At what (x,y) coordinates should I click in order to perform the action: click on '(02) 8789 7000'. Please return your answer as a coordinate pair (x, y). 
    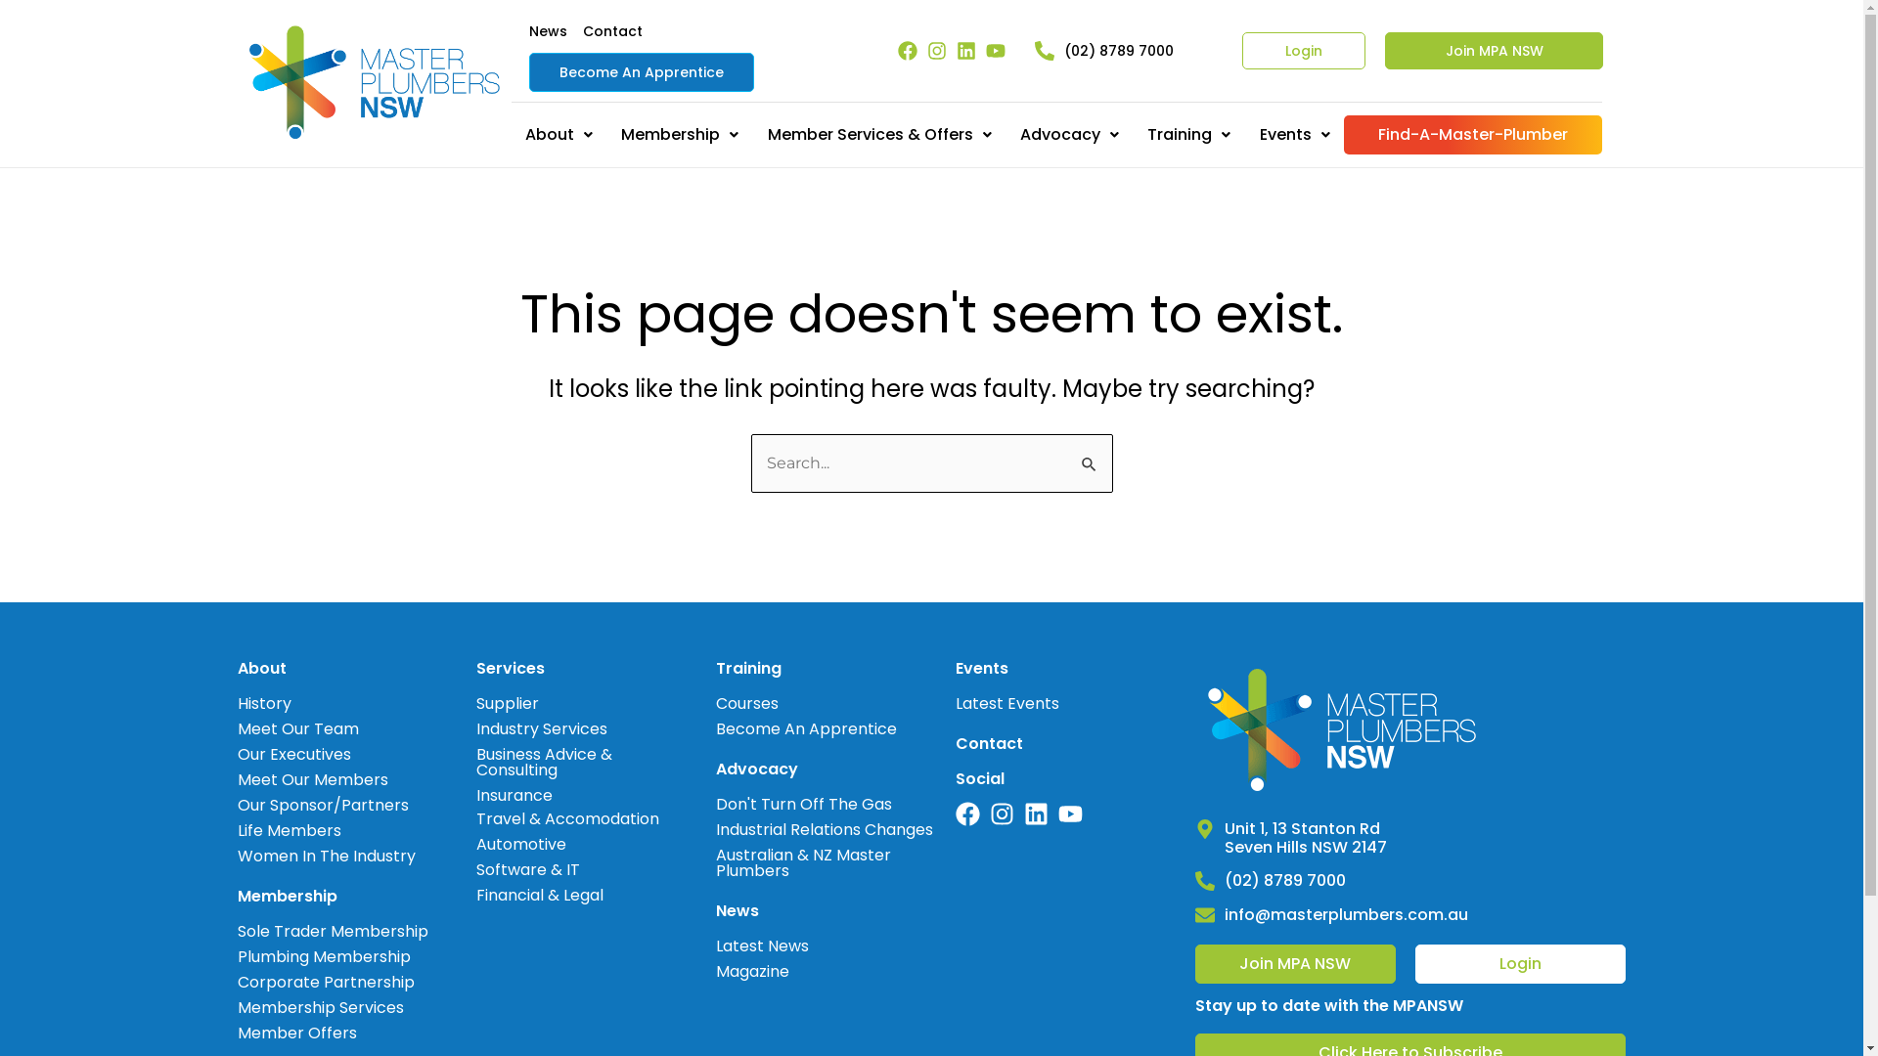
    Looking at the image, I should click on (1118, 49).